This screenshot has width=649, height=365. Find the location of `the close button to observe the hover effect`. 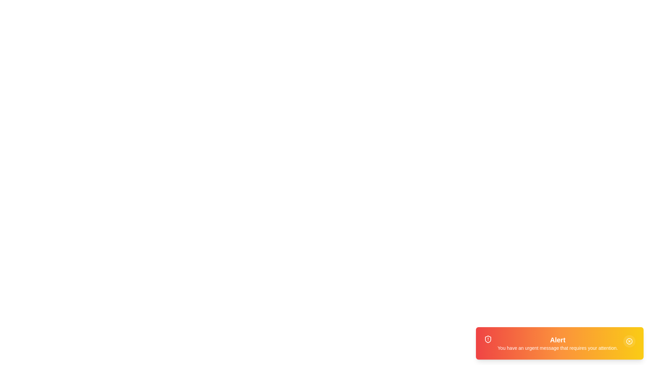

the close button to observe the hover effect is located at coordinates (629, 341).